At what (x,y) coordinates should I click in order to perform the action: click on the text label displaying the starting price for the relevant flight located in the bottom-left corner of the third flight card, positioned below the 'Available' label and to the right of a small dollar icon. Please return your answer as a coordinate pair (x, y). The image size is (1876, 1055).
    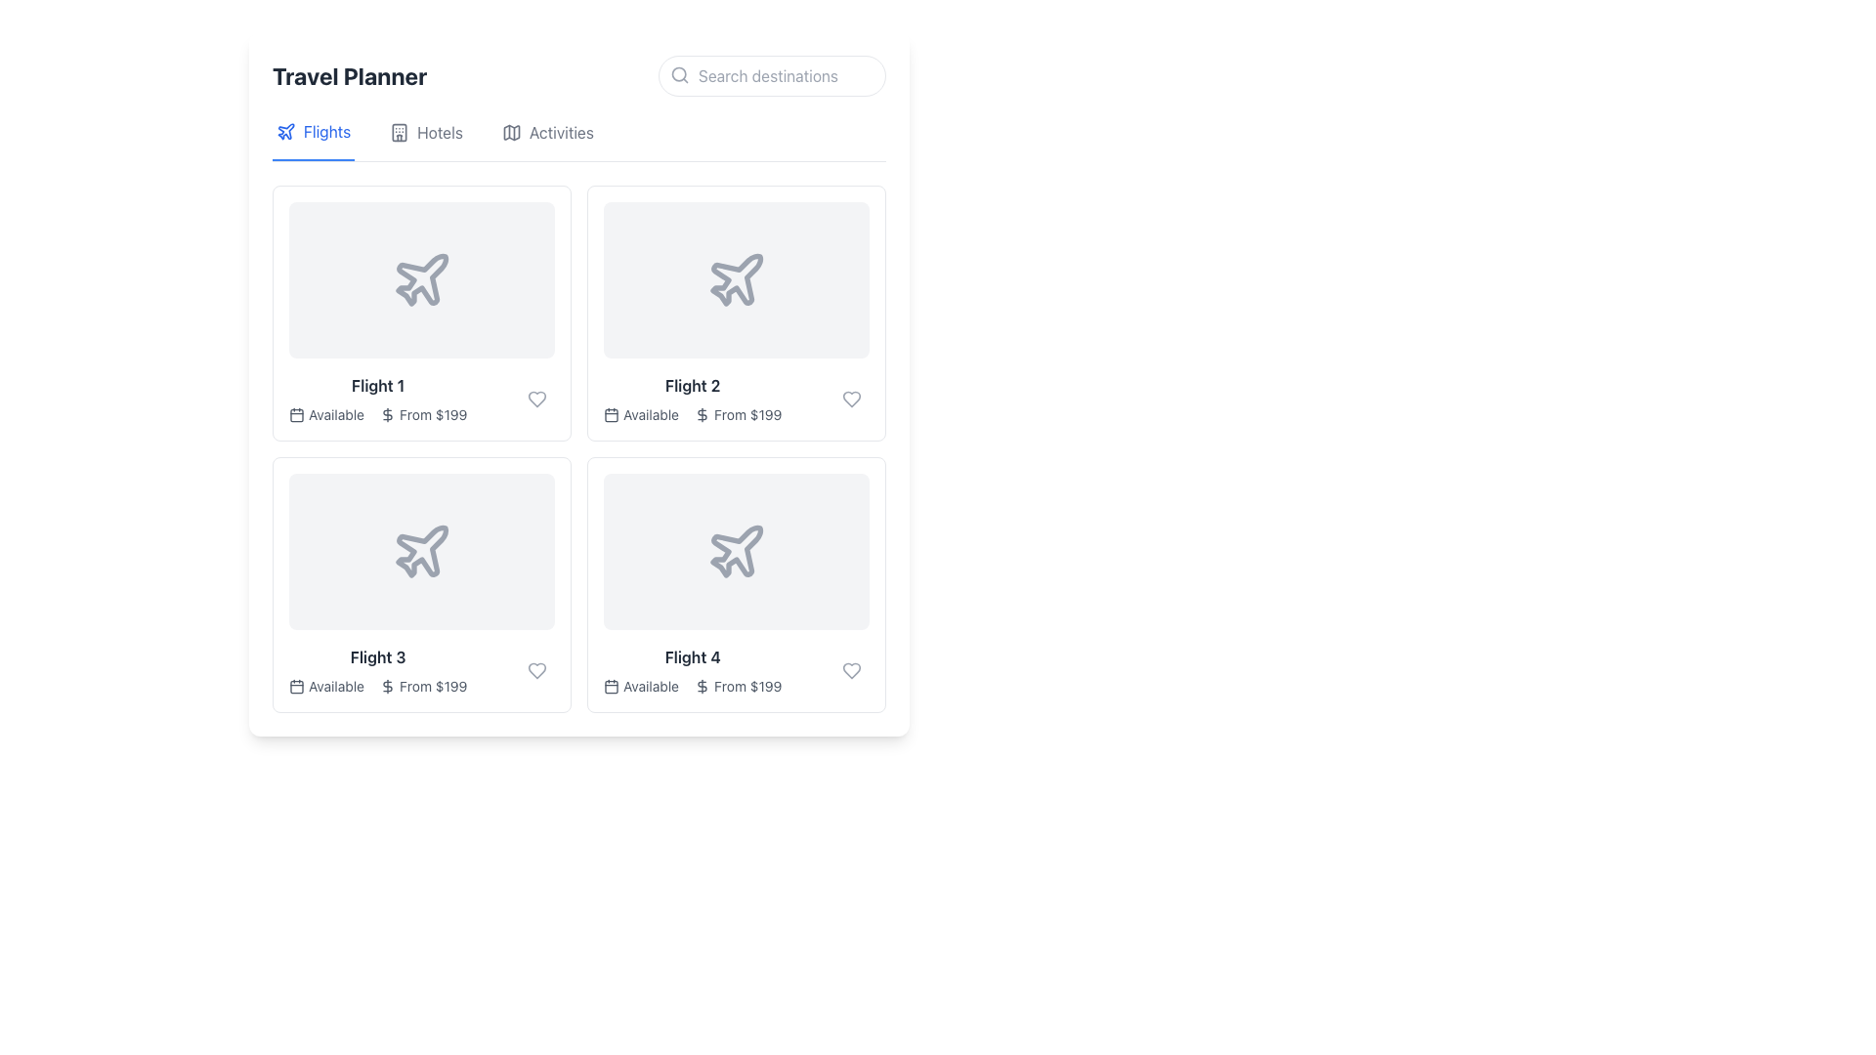
    Looking at the image, I should click on (432, 685).